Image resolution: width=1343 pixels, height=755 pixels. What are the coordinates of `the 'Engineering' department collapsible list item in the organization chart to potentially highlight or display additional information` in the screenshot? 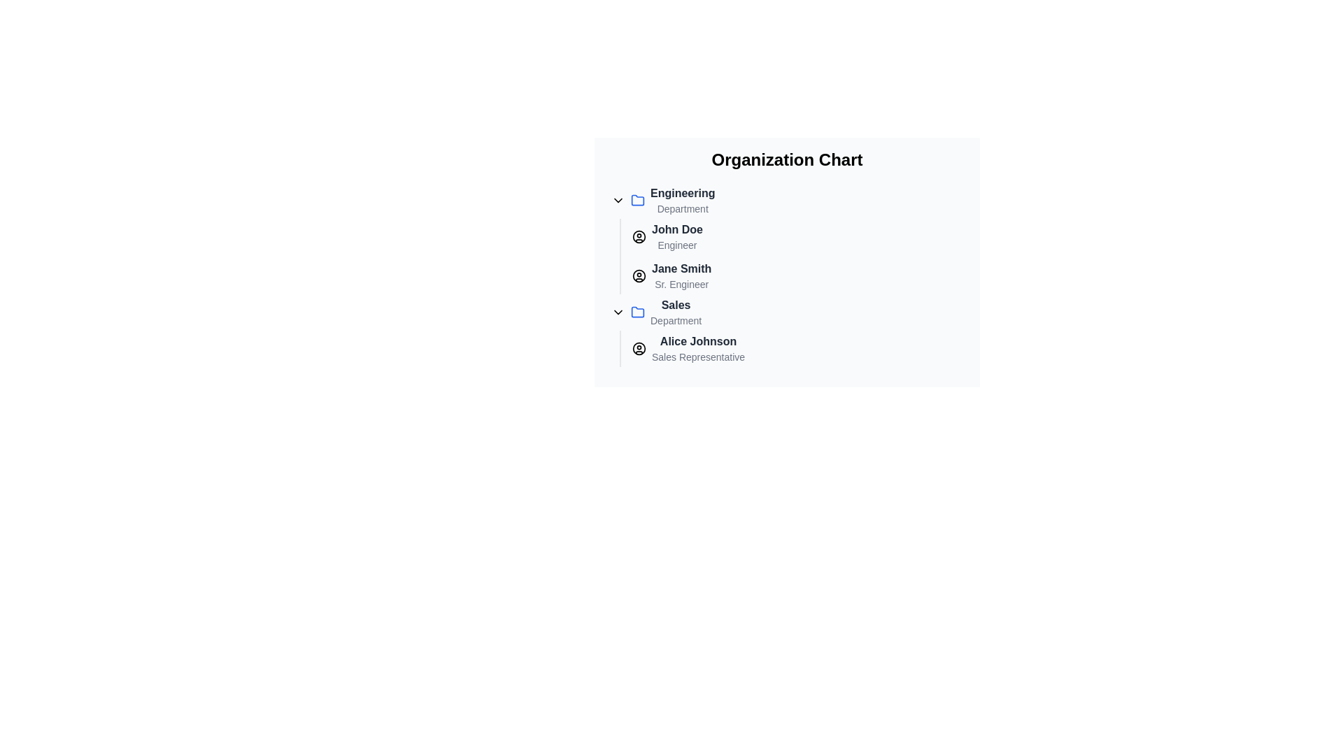 It's located at (787, 200).